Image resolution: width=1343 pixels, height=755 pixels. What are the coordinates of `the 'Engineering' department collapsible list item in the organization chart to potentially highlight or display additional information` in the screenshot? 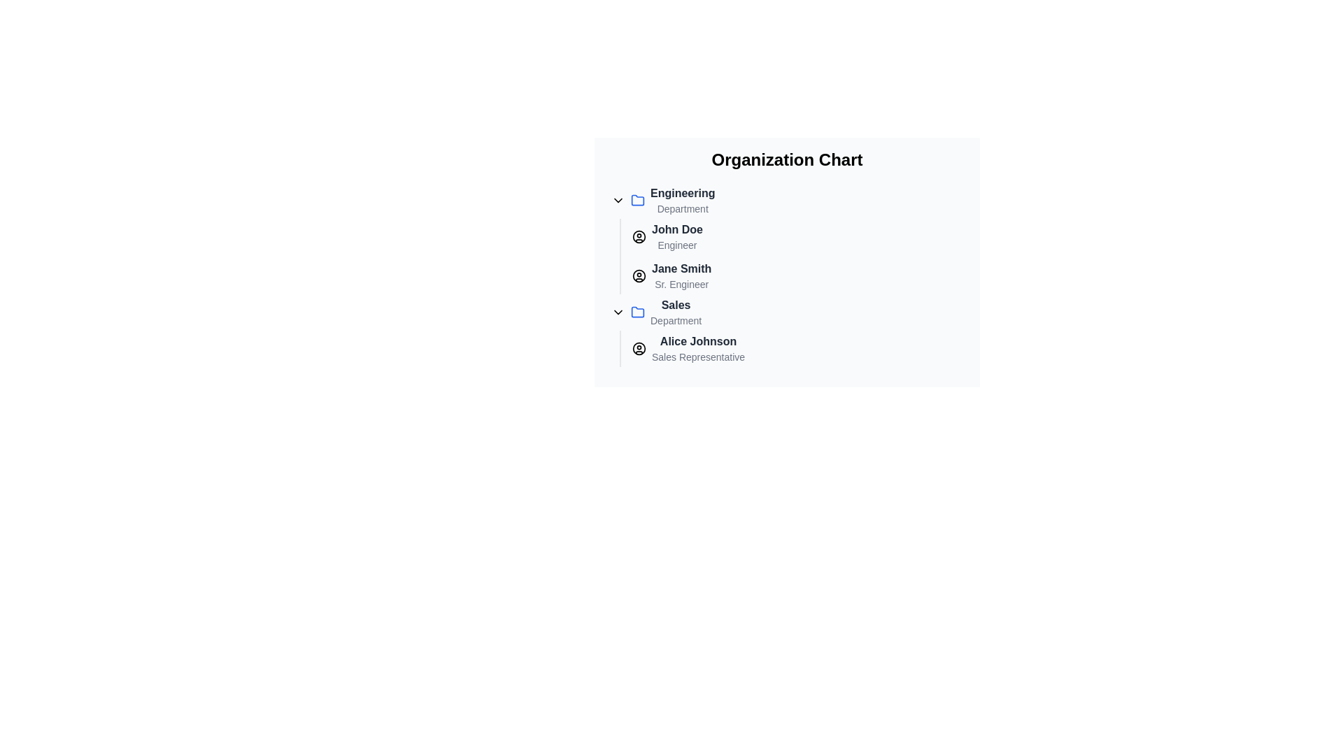 It's located at (787, 200).